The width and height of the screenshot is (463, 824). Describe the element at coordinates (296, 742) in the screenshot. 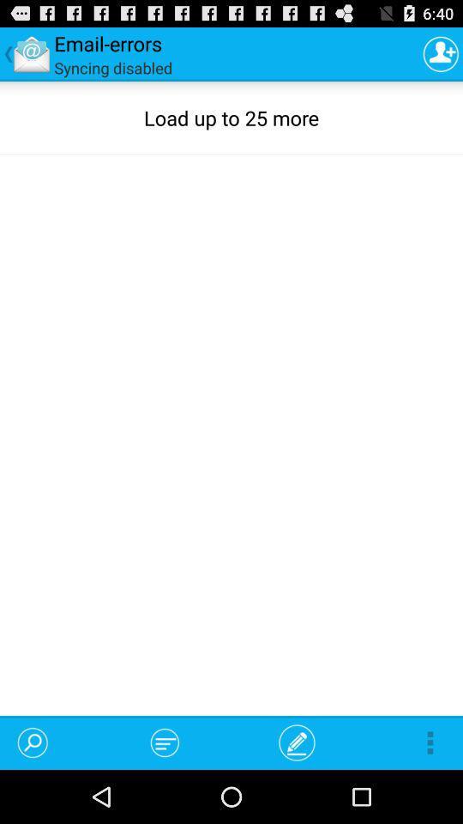

I see `app below load up to item` at that location.